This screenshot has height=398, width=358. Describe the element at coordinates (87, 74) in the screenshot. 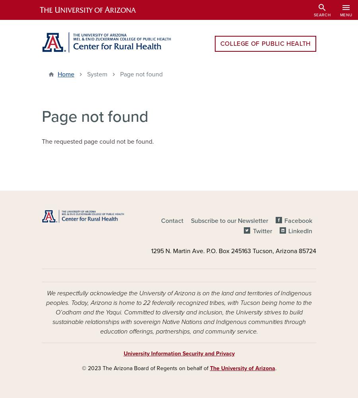

I see `'System'` at that location.